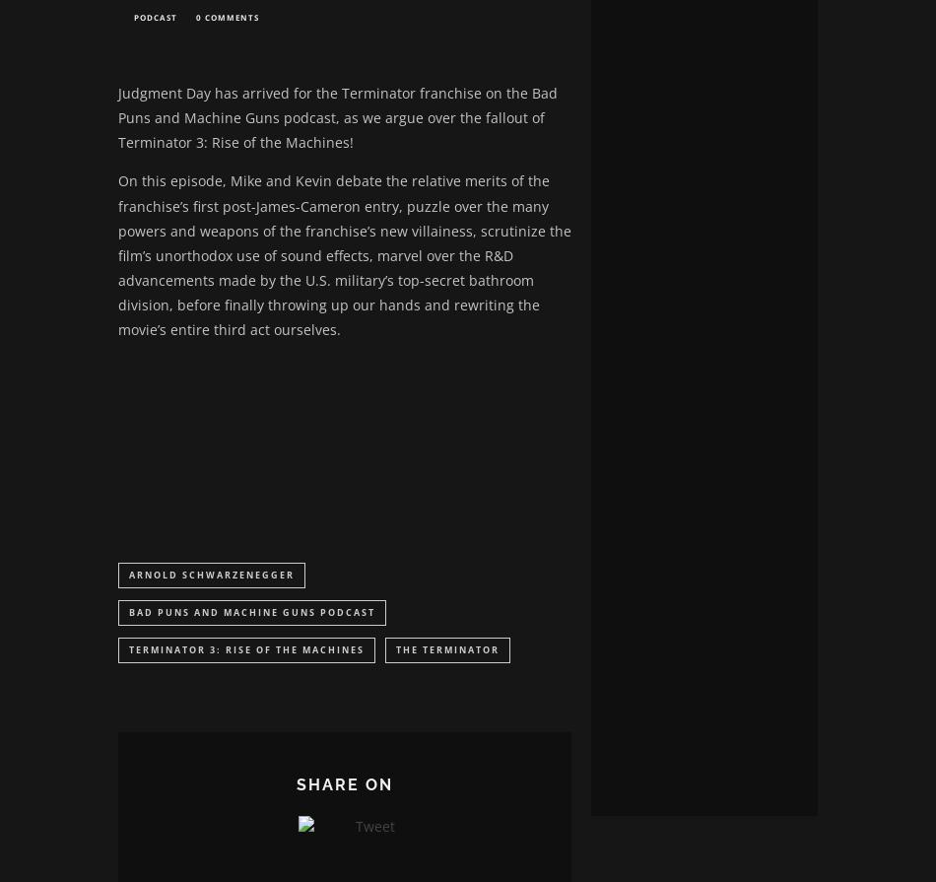 This screenshot has width=936, height=882. What do you see at coordinates (395, 652) in the screenshot?
I see `'The Terminator'` at bounding box center [395, 652].